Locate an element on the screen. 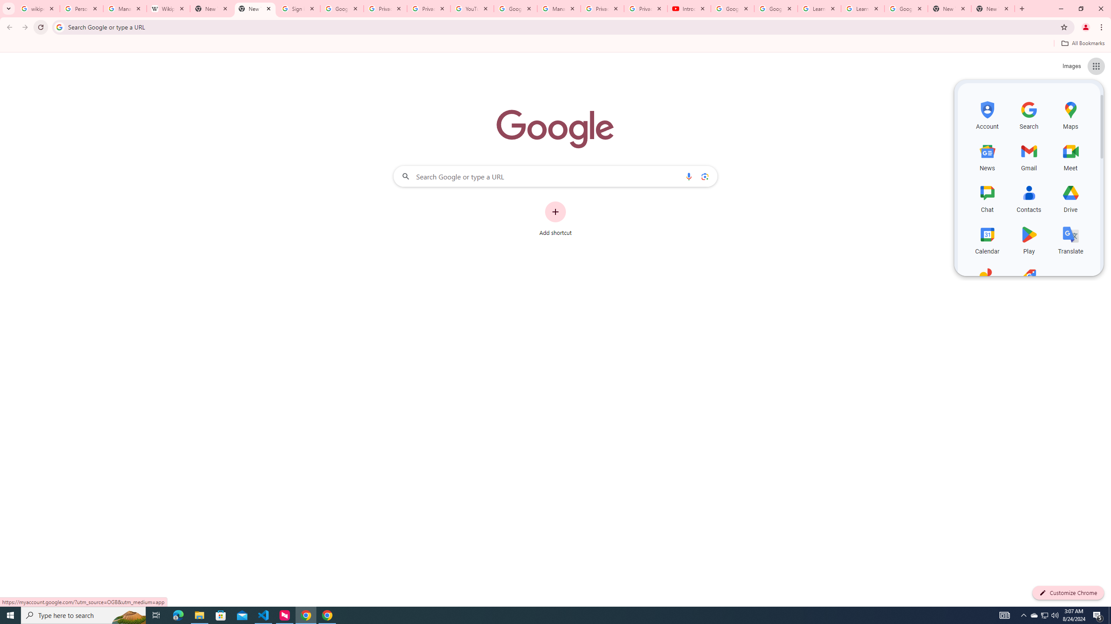 The height and width of the screenshot is (624, 1111). 'Wikipedia:Edit requests - Wikipedia' is located at coordinates (168, 8).